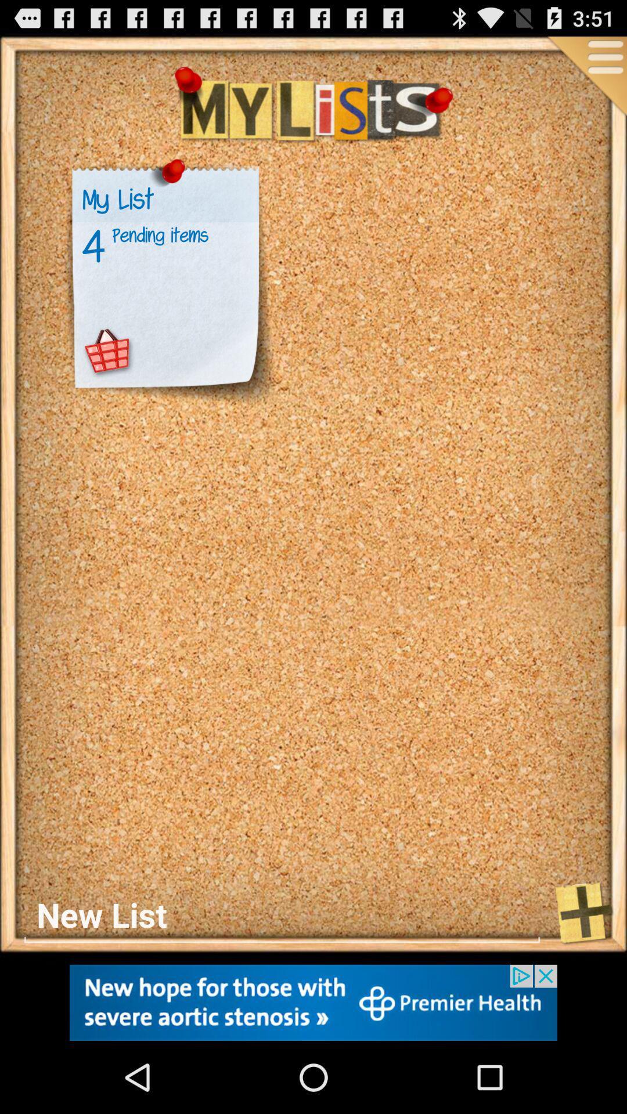  I want to click on features, so click(586, 77).